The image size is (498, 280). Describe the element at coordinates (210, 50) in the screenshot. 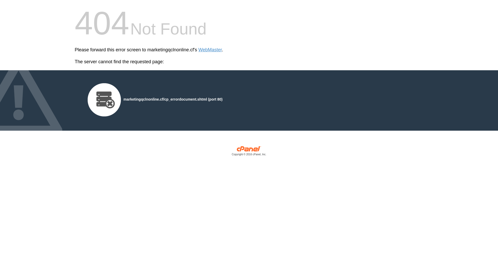

I see `'WebMaster'` at that location.